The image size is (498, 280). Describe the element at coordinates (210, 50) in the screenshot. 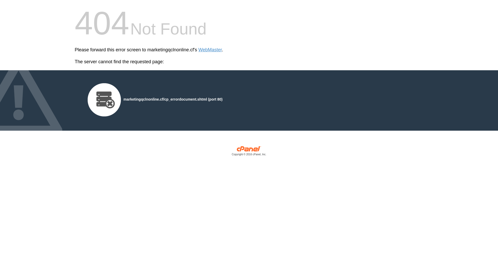

I see `'WebMaster'` at that location.